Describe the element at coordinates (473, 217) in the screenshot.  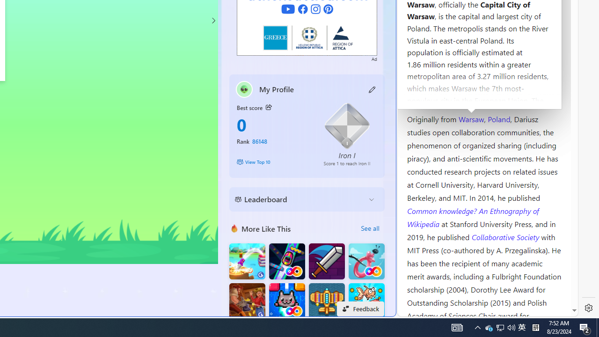
I see `'Common knowledge? An Ethnography of Wikipedia'` at that location.